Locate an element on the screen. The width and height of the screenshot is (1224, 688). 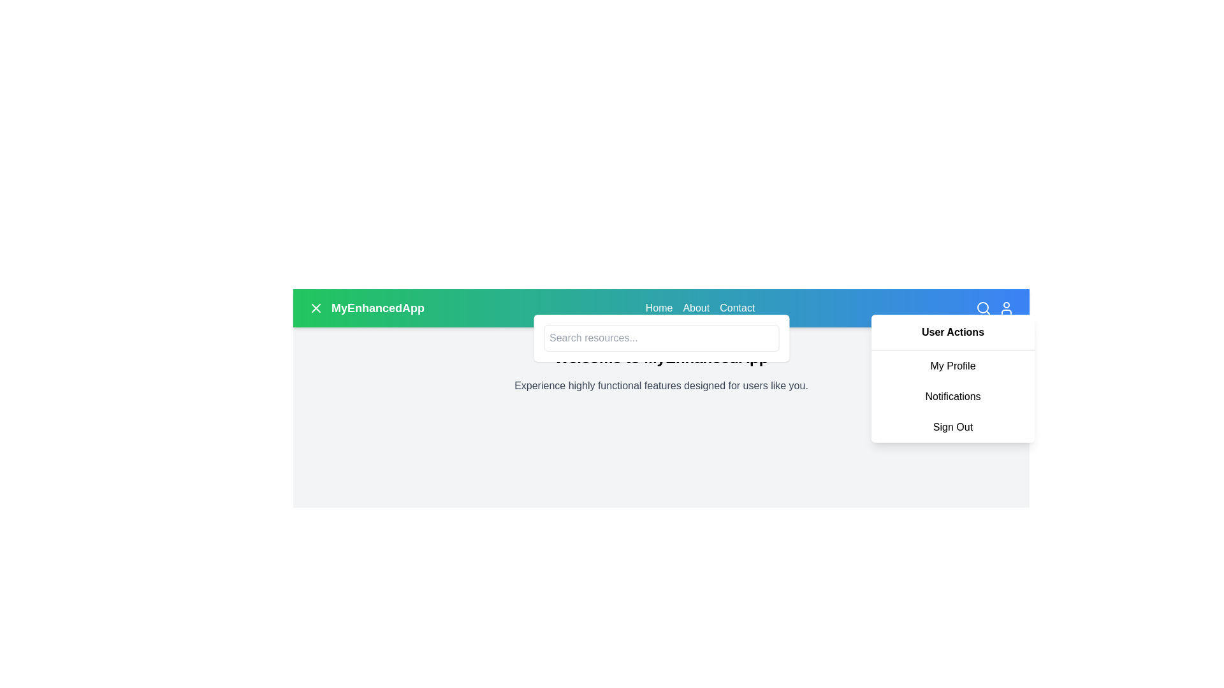
the 'My Profile' label in the dropdown menu under 'User Actions' to trigger the background color change effect is located at coordinates (952, 366).